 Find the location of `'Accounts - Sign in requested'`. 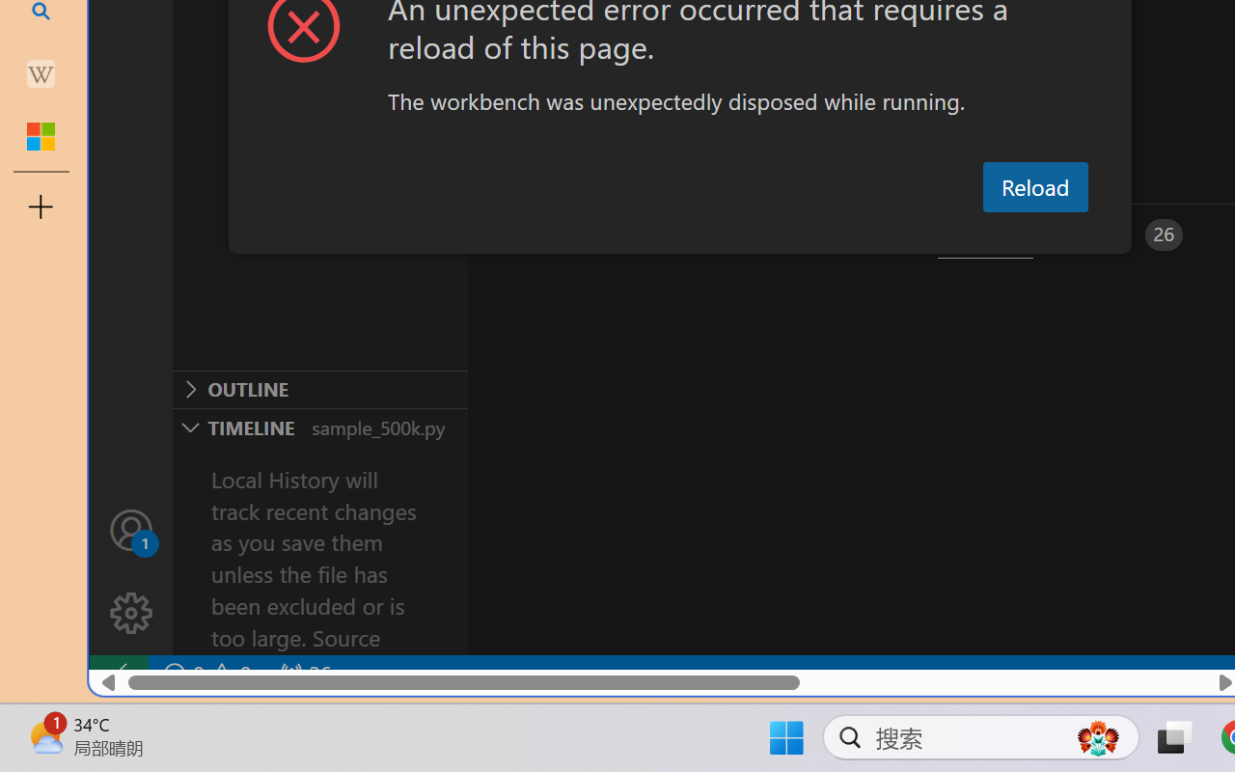

'Accounts - Sign in requested' is located at coordinates (129, 529).